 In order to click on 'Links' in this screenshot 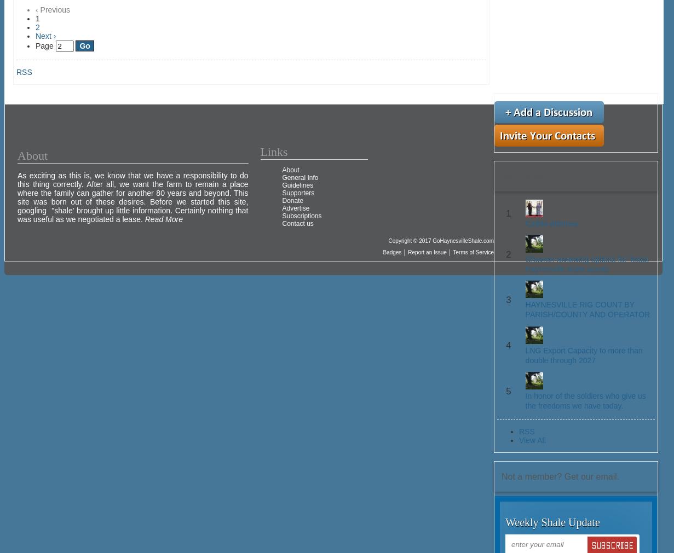, I will do `click(274, 152)`.